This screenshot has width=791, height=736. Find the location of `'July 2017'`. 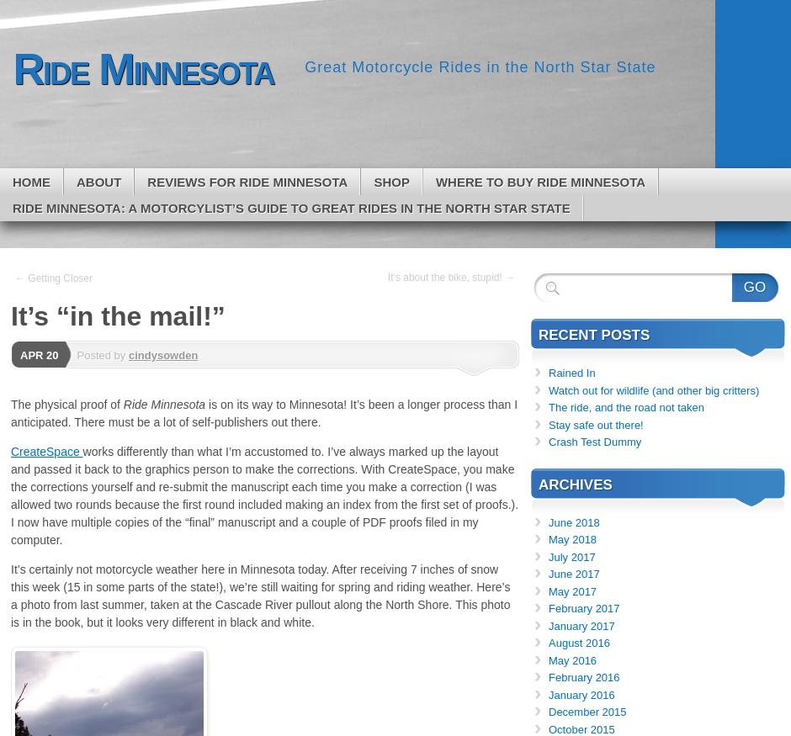

'July 2017' is located at coordinates (571, 555).